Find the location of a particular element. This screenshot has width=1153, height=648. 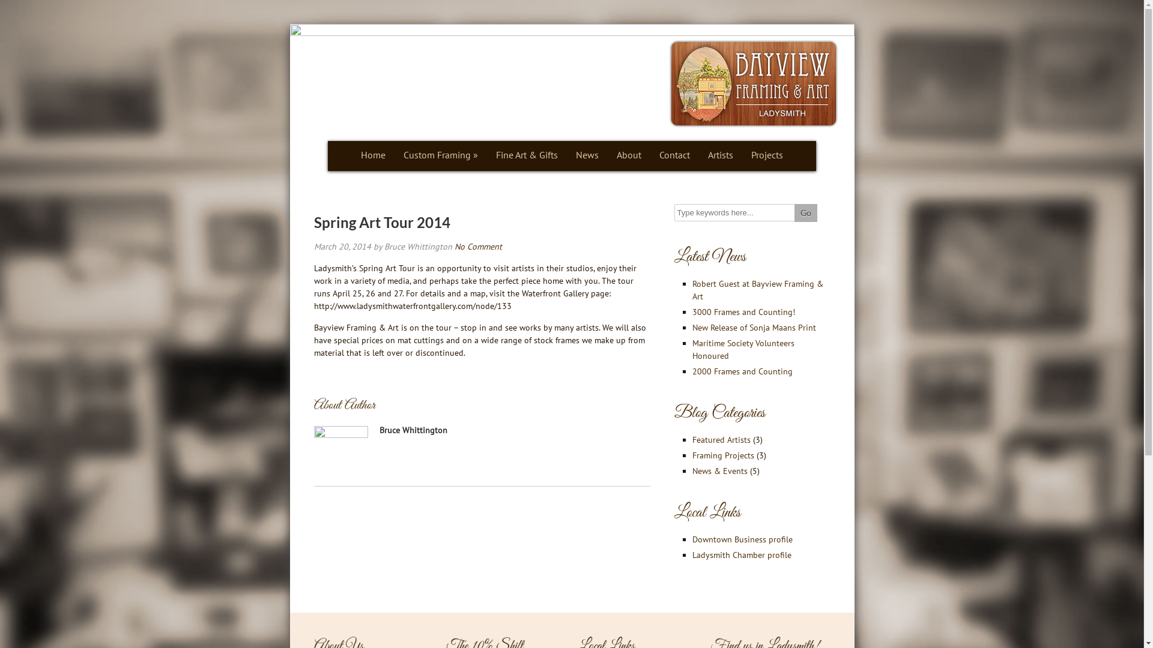

'News' is located at coordinates (587, 155).